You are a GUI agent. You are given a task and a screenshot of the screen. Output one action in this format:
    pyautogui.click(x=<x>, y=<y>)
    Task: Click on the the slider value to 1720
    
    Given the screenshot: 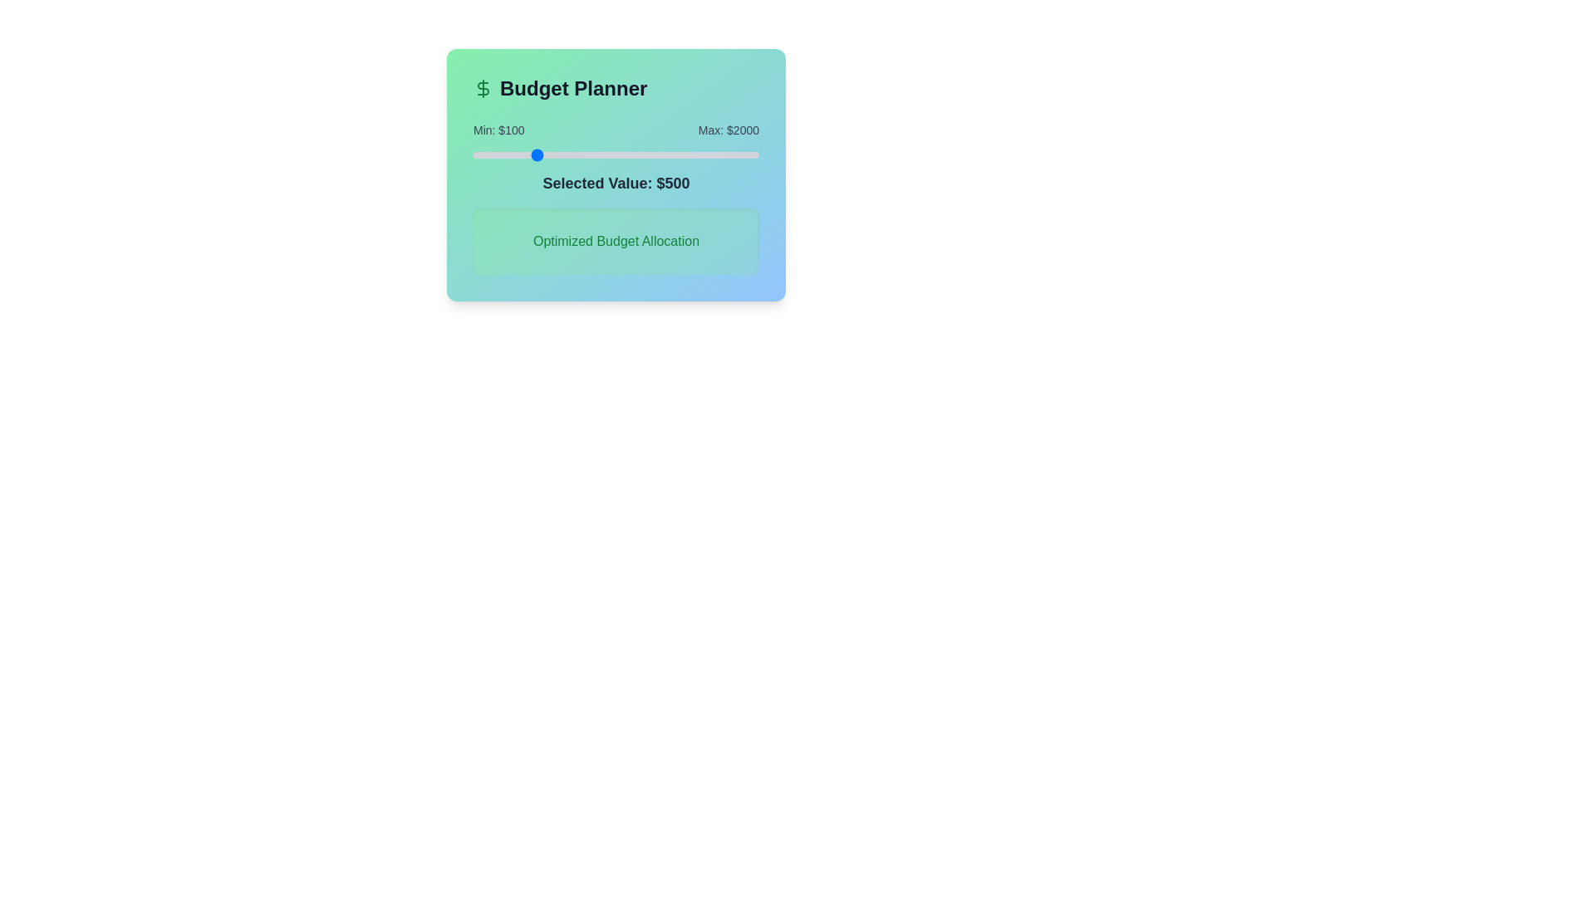 What is the action you would take?
    pyautogui.click(x=717, y=154)
    